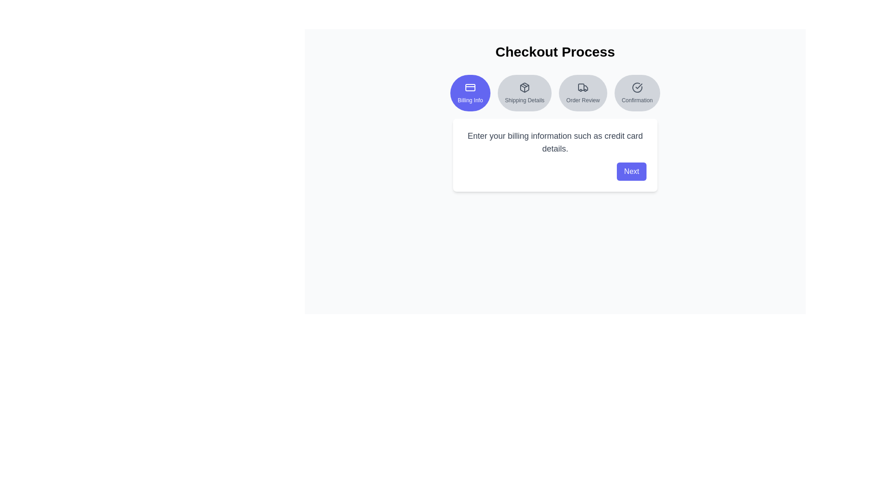  Describe the element at coordinates (631, 171) in the screenshot. I see `the 'Next' button to proceed to the next step in the checkout process` at that location.